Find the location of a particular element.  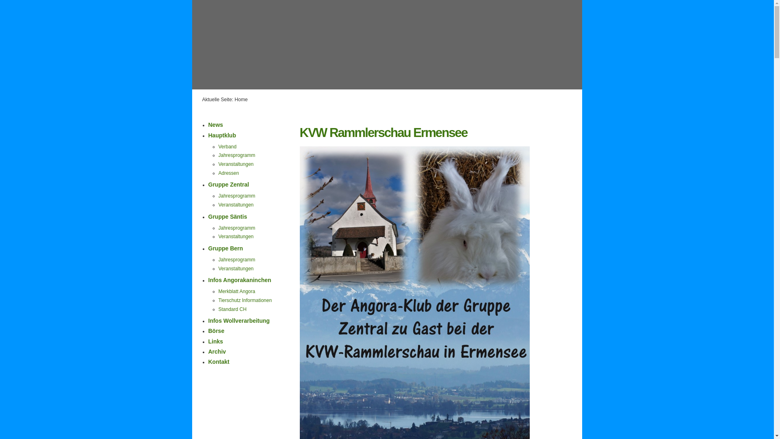

'Veranstaltungen' is located at coordinates (236, 164).